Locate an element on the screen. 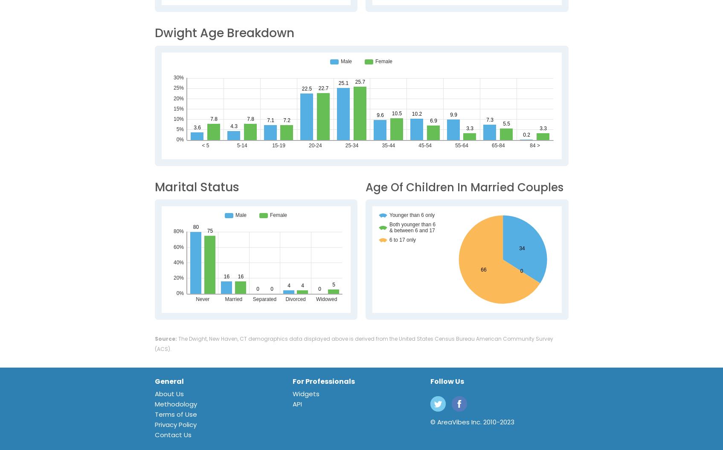 Image resolution: width=723 pixels, height=450 pixels. '© AreaVibes Inc. 2010-2023' is located at coordinates (472, 422).